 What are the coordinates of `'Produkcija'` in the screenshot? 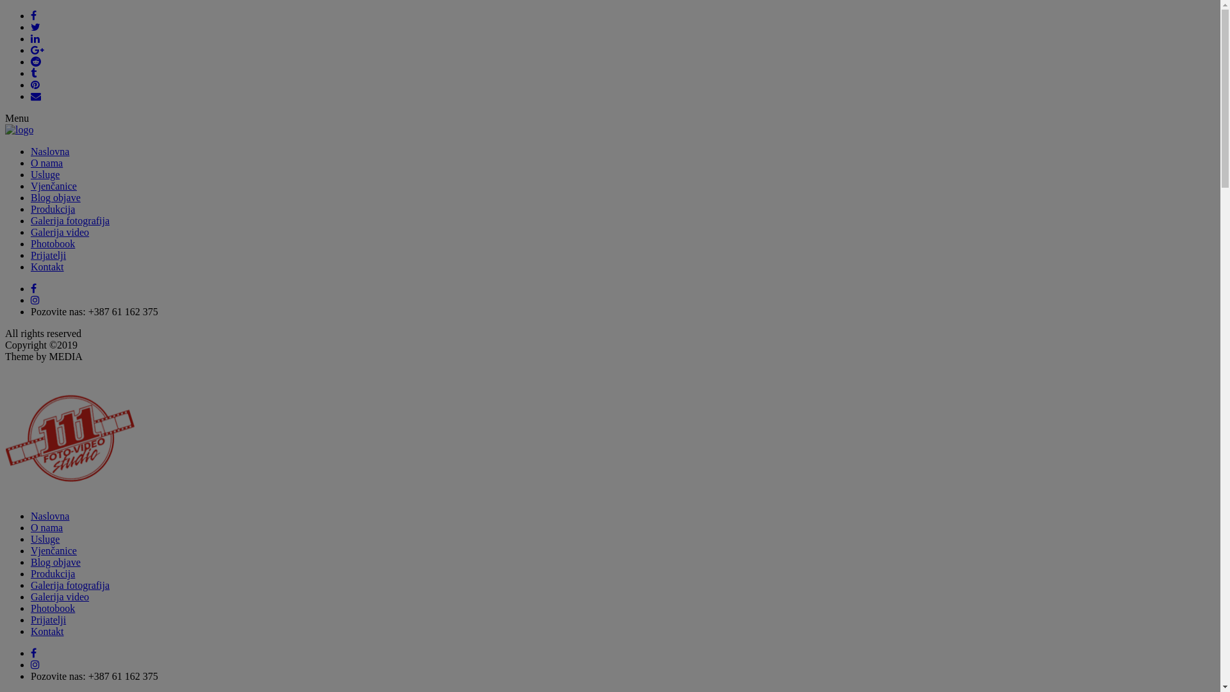 It's located at (52, 573).